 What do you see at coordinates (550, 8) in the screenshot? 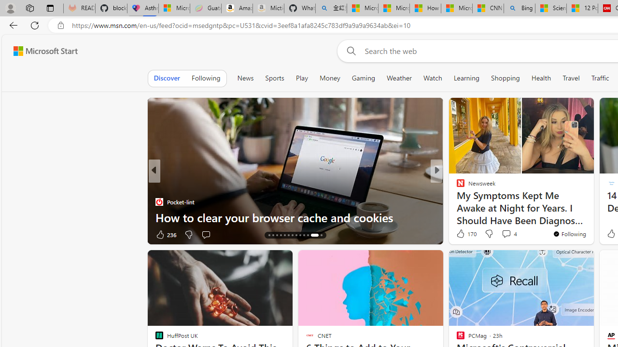
I see `'Science - MSN'` at bounding box center [550, 8].